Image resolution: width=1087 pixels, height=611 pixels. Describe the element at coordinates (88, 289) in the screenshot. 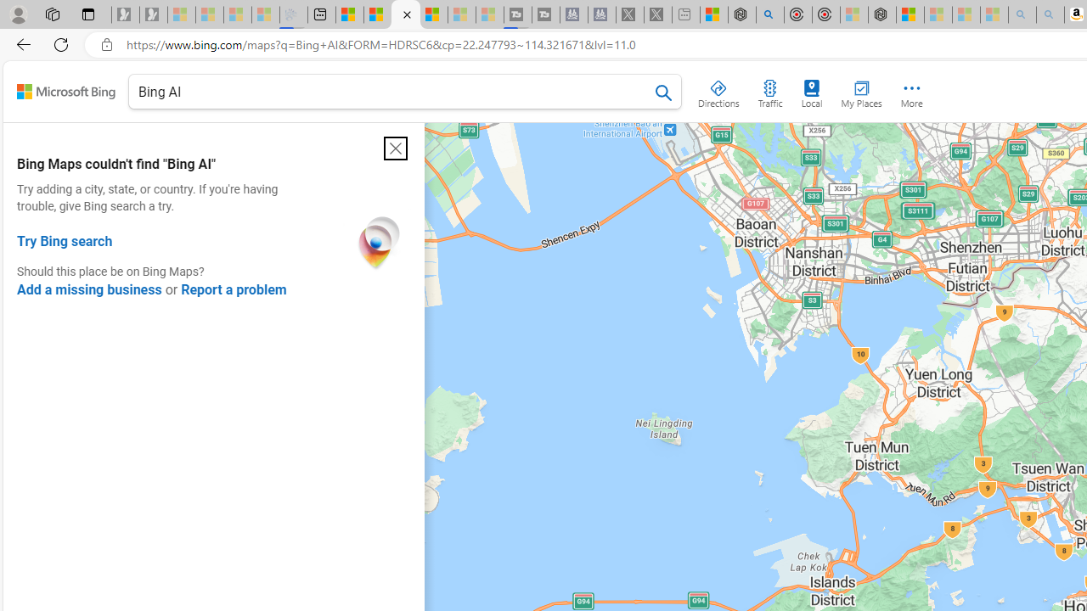

I see `'Add a missing business'` at that location.